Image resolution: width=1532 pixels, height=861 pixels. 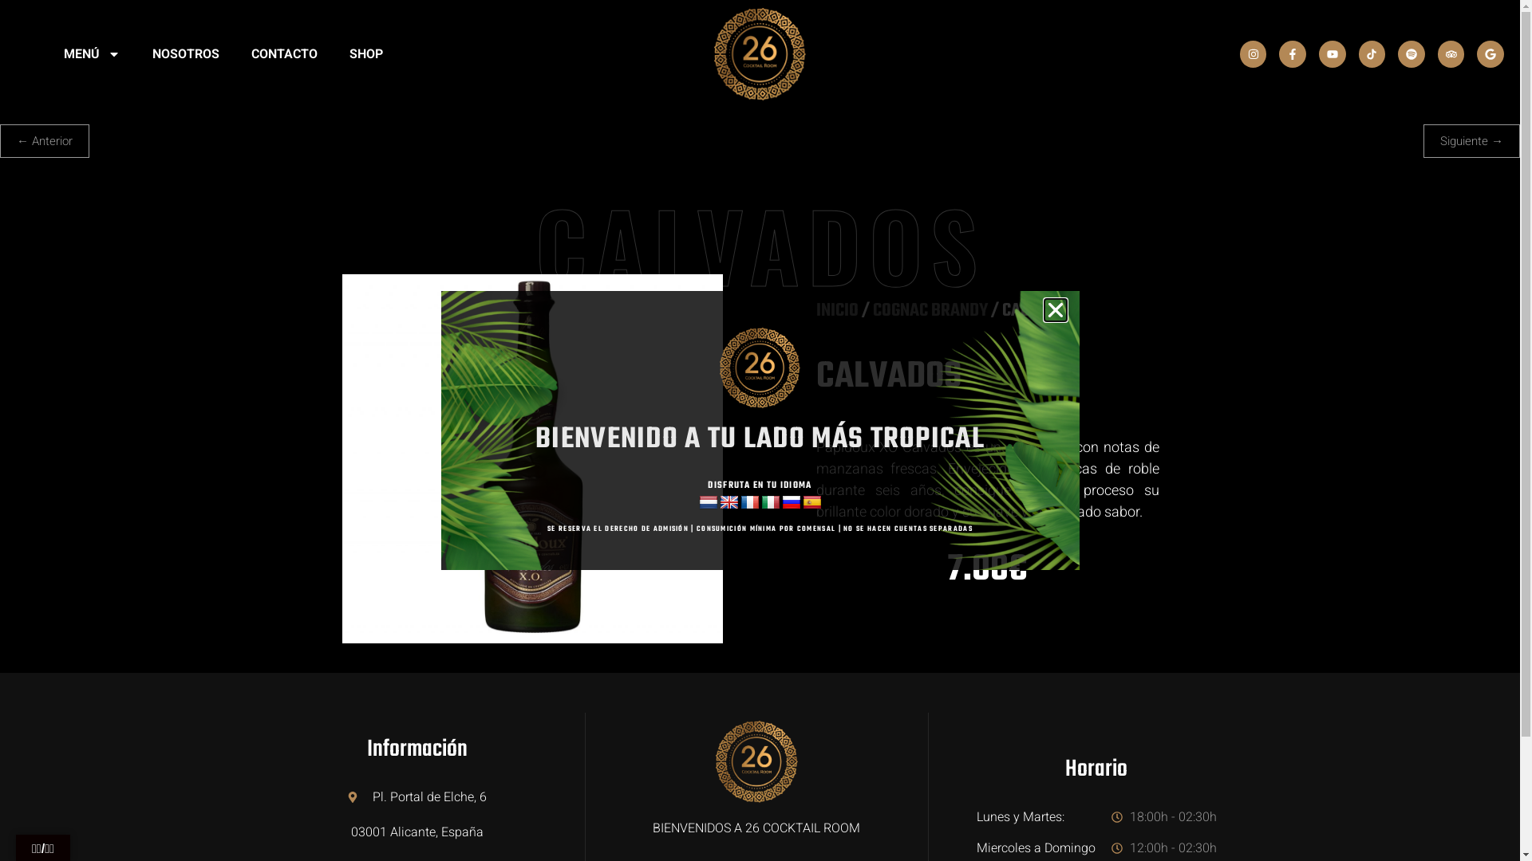 What do you see at coordinates (811, 503) in the screenshot?
I see `'Spanish'` at bounding box center [811, 503].